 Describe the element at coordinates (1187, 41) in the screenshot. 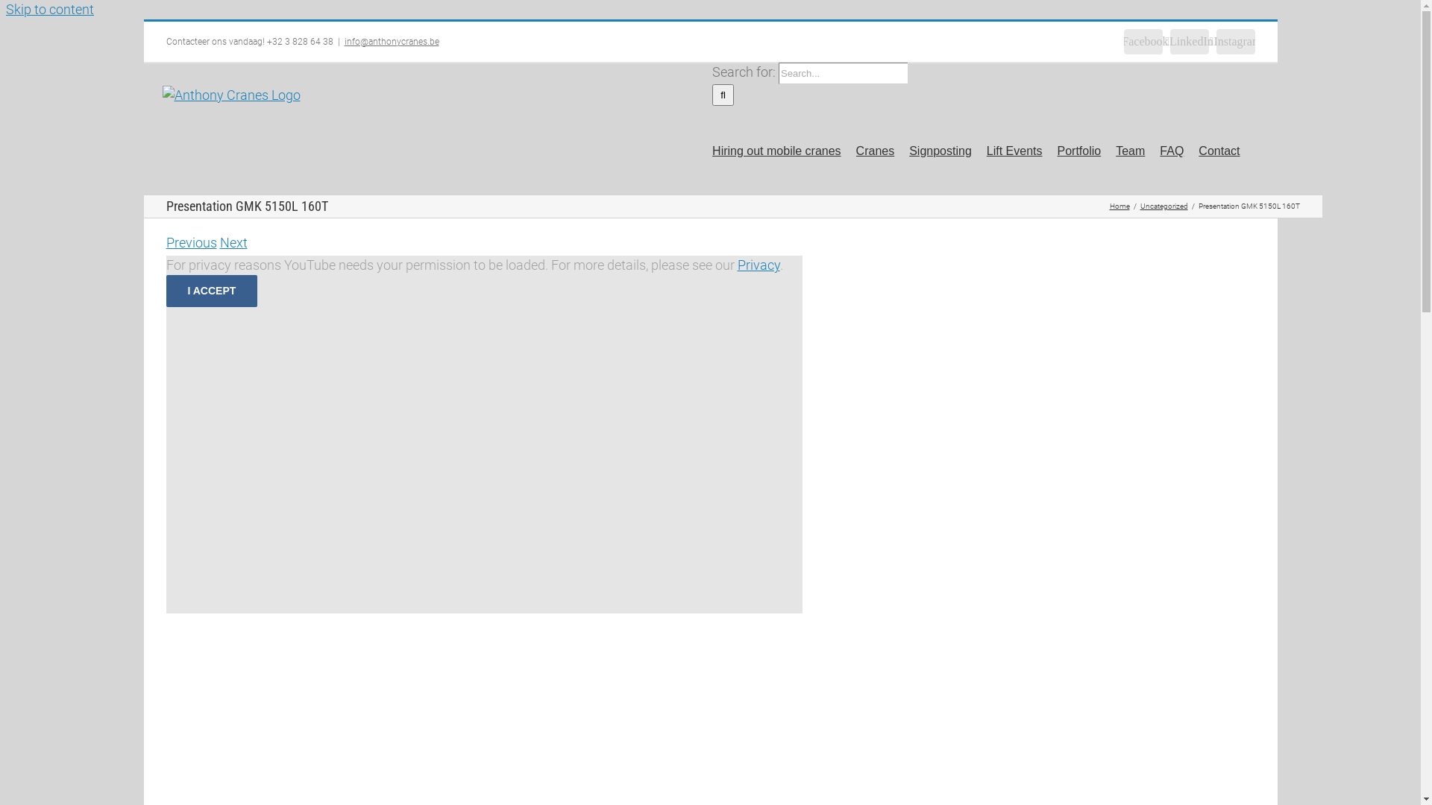

I see `'LinkedIn'` at that location.